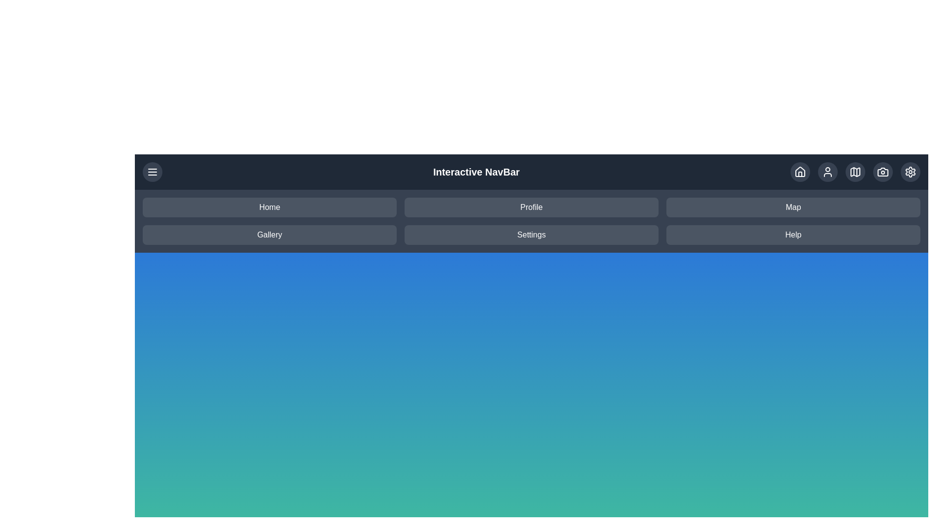 Image resolution: width=945 pixels, height=531 pixels. What do you see at coordinates (800, 172) in the screenshot?
I see `the Home icon in the action bar` at bounding box center [800, 172].